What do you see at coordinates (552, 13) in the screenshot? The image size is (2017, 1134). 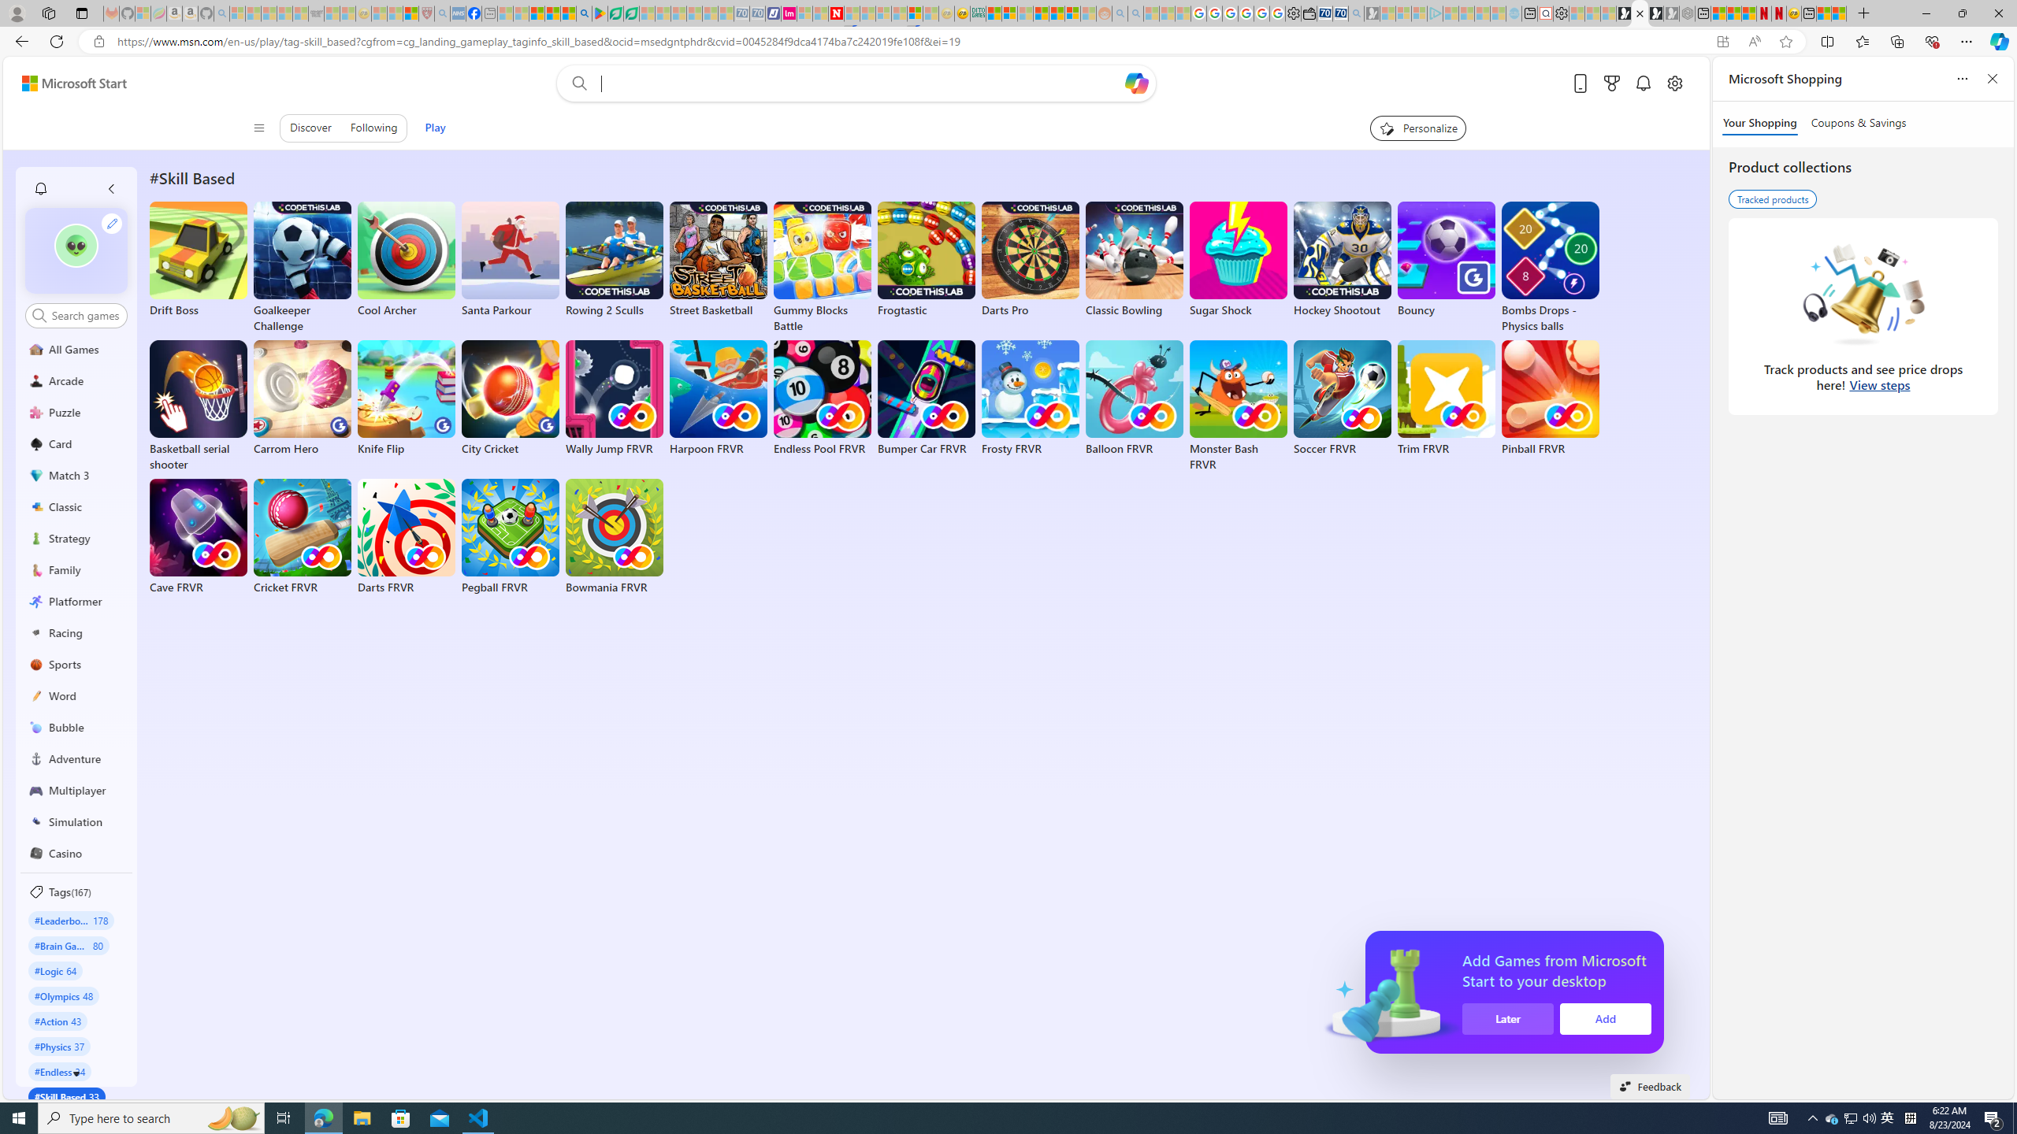 I see `'Pets - MSN'` at bounding box center [552, 13].